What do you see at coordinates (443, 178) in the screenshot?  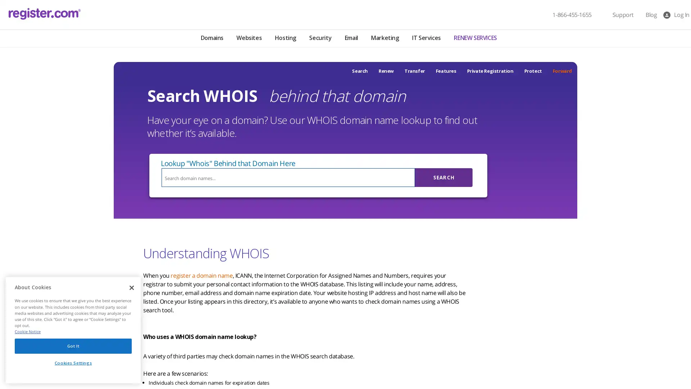 I see `Search` at bounding box center [443, 178].